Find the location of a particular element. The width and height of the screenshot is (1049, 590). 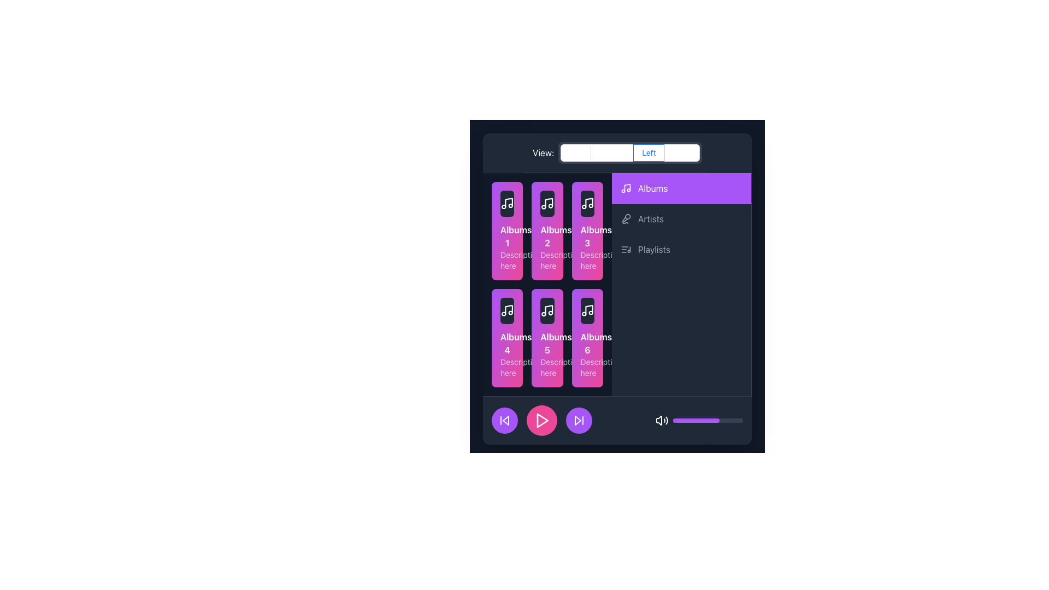

the music note icon, which is part of the album card for Album 1, rendered in a minimalistic line-drawing style against a darker background is located at coordinates (508, 203).